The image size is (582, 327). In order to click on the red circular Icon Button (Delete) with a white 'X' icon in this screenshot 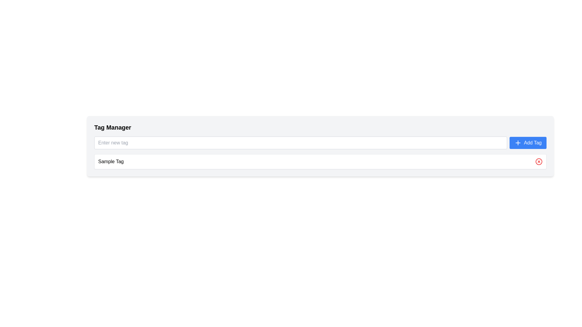, I will do `click(539, 161)`.